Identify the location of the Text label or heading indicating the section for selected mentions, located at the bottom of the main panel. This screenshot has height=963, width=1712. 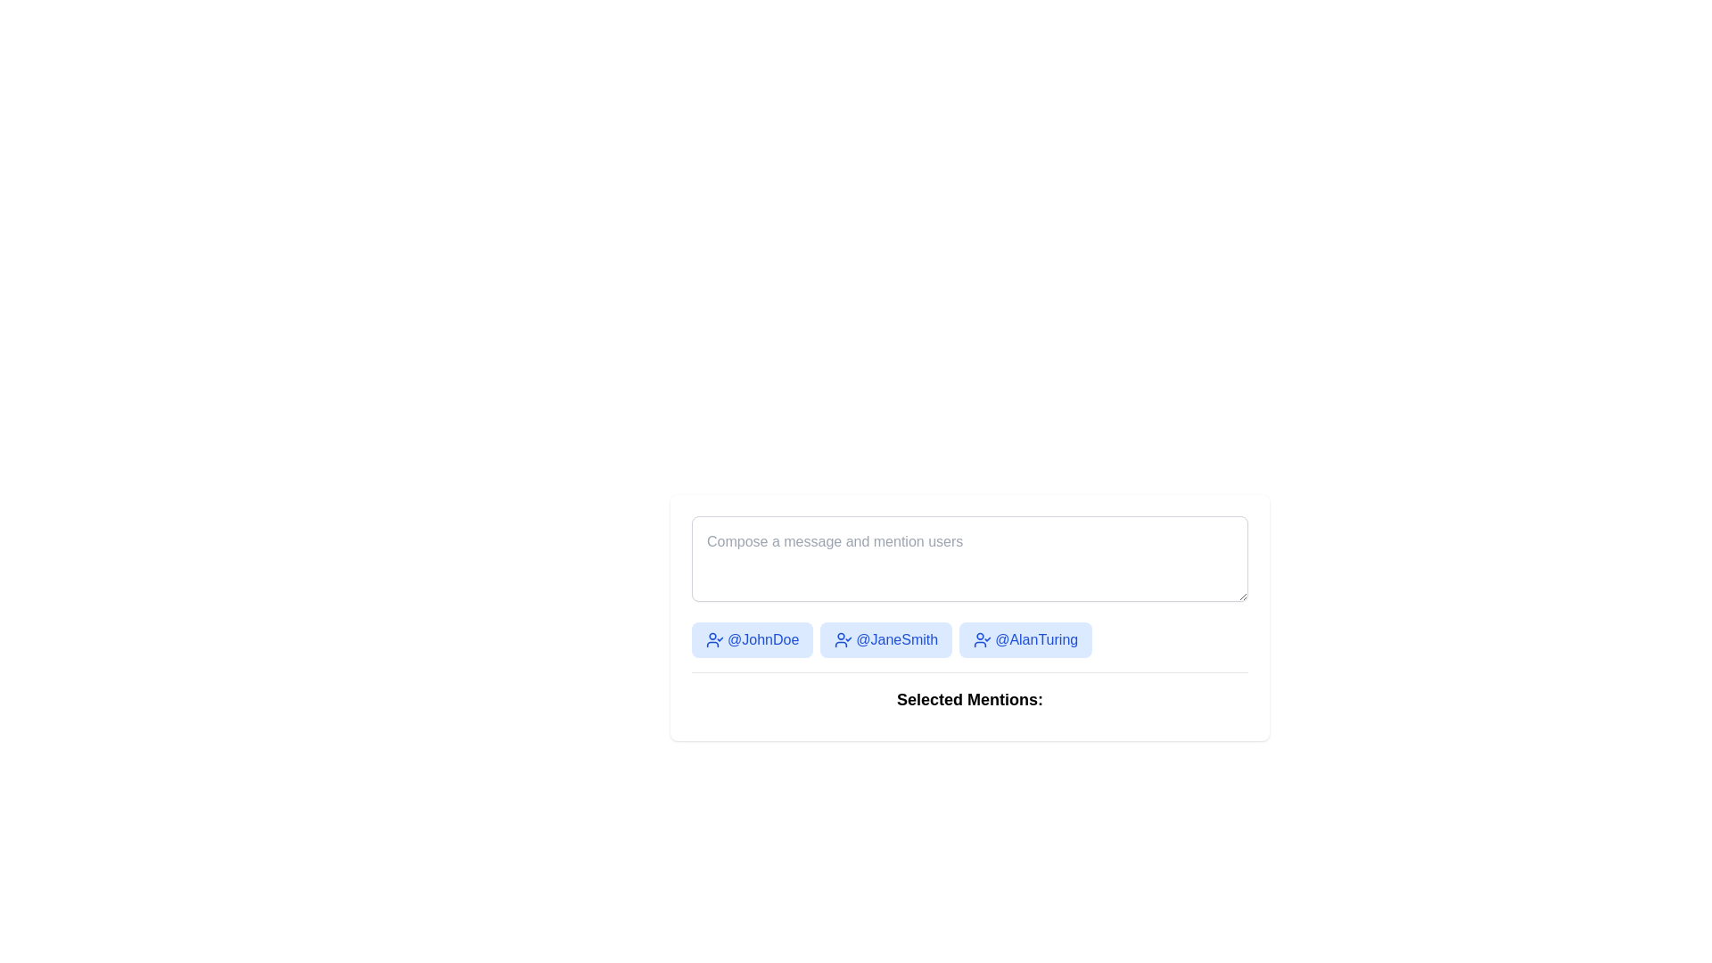
(969, 694).